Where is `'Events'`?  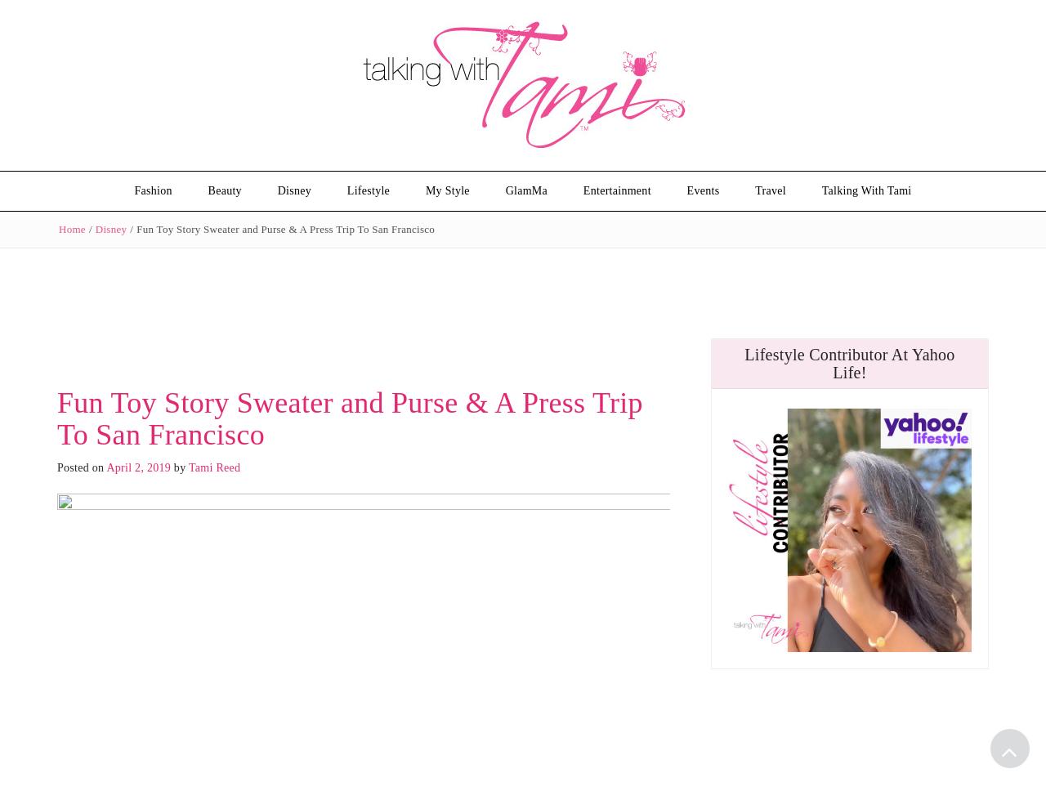
'Events' is located at coordinates (703, 190).